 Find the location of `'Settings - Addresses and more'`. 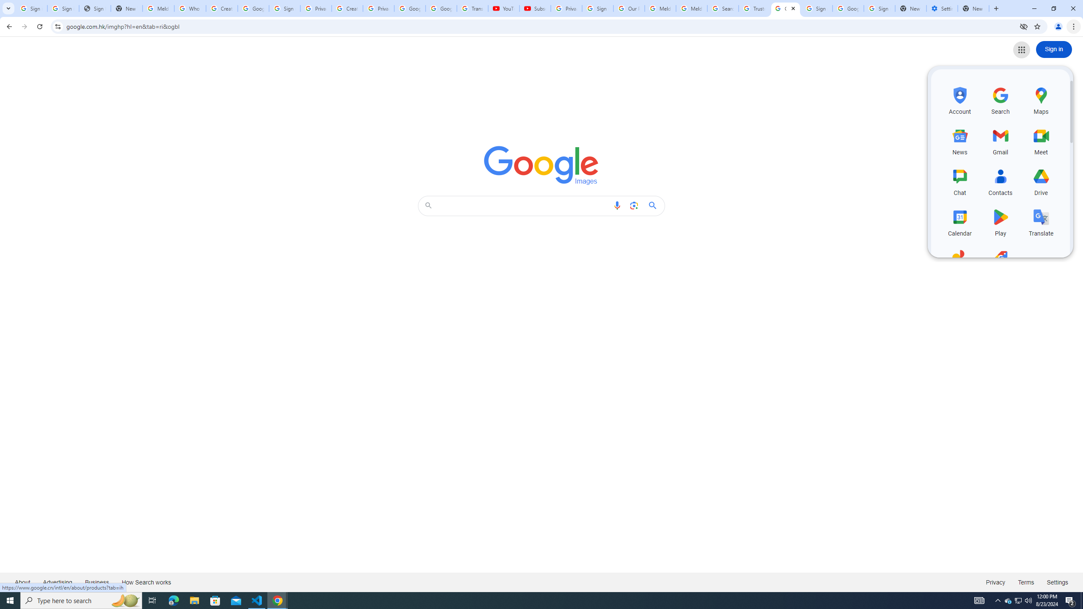

'Settings - Addresses and more' is located at coordinates (942, 8).